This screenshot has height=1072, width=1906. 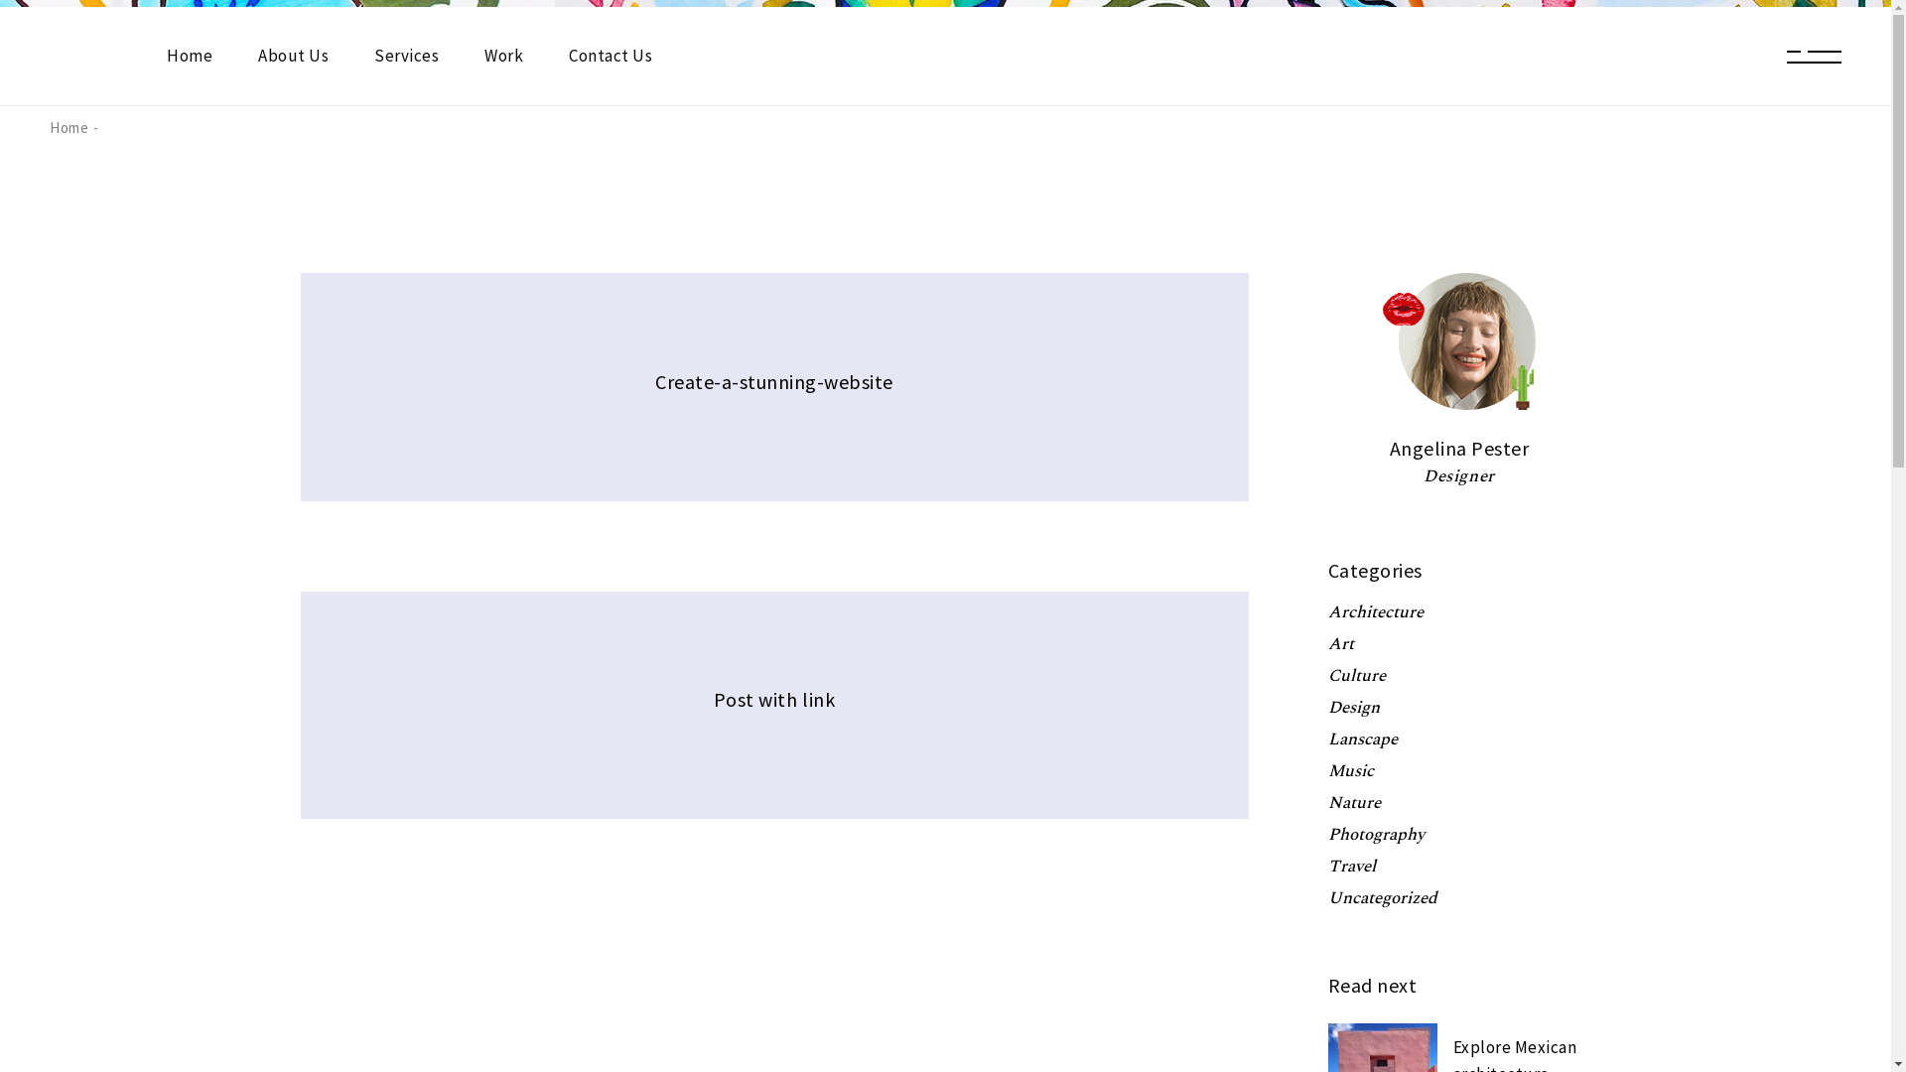 What do you see at coordinates (1381, 898) in the screenshot?
I see `'Uncategorized'` at bounding box center [1381, 898].